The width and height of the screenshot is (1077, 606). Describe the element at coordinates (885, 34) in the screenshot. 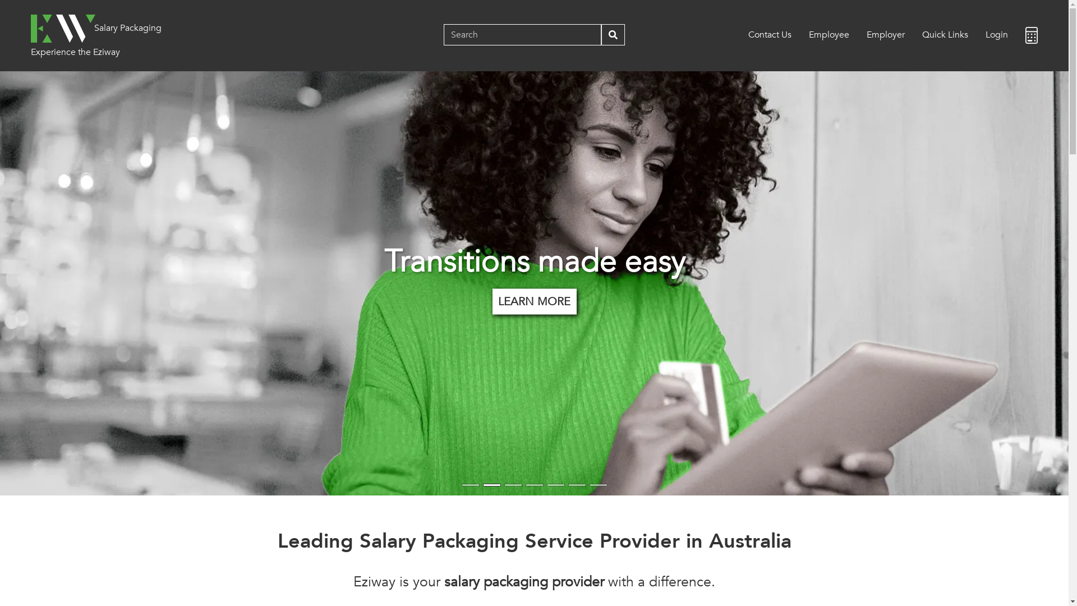

I see `'Employer'` at that location.